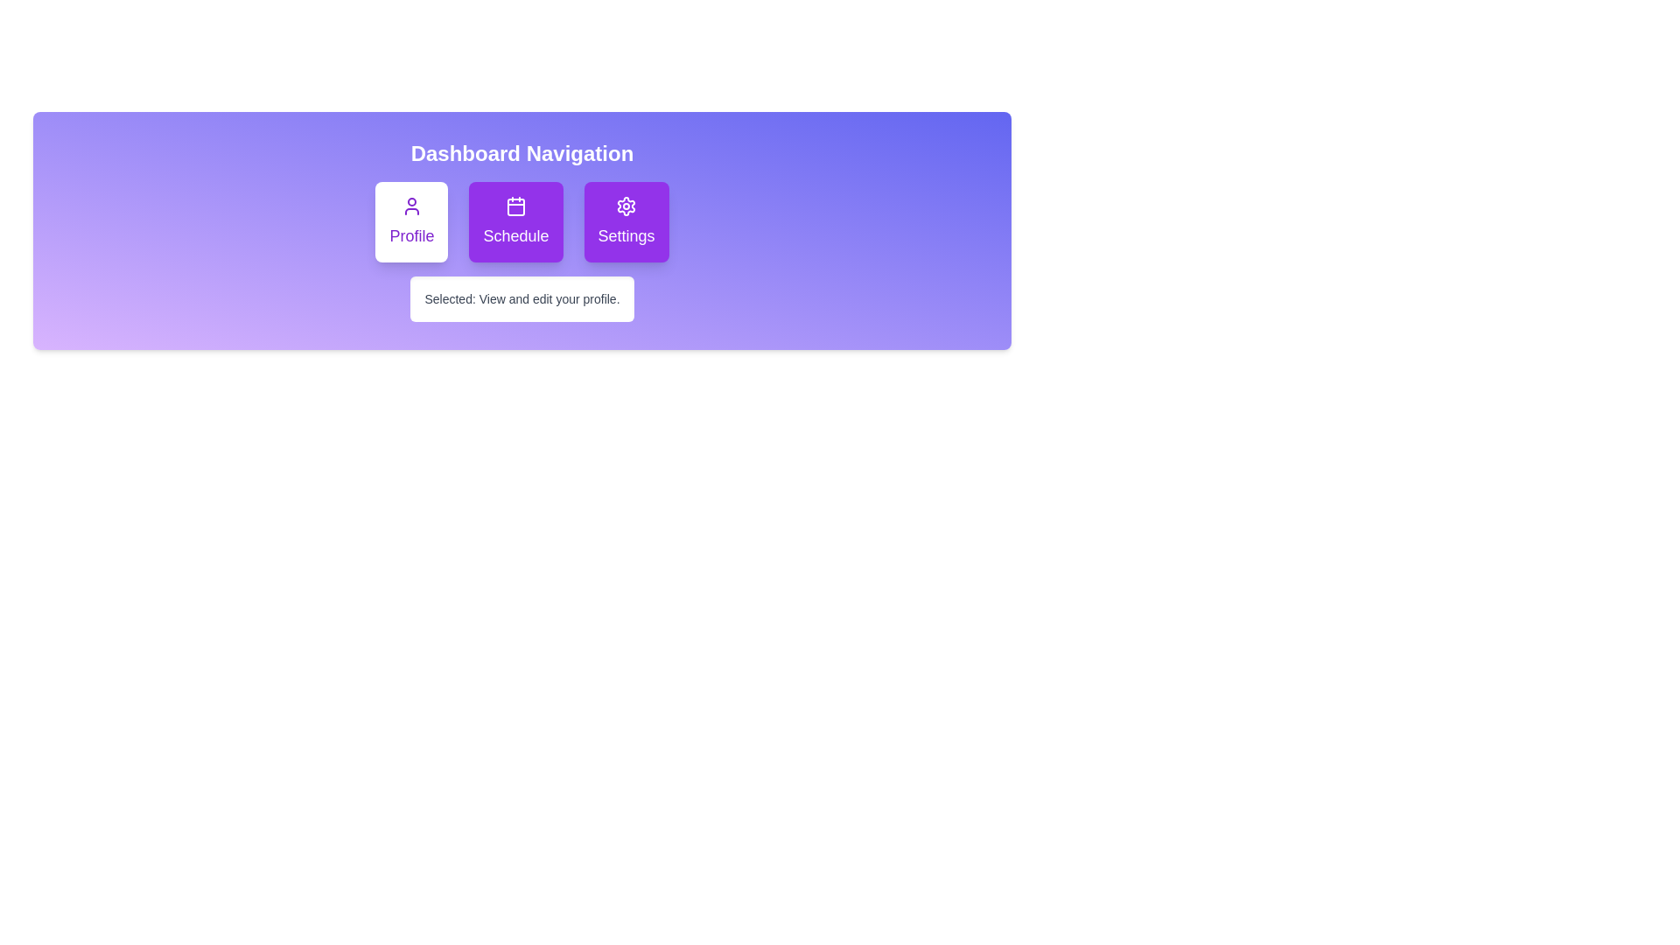 Image resolution: width=1680 pixels, height=945 pixels. Describe the element at coordinates (515, 221) in the screenshot. I see `the second button in the group of three, which navigates to the 'Schedule' section` at that location.